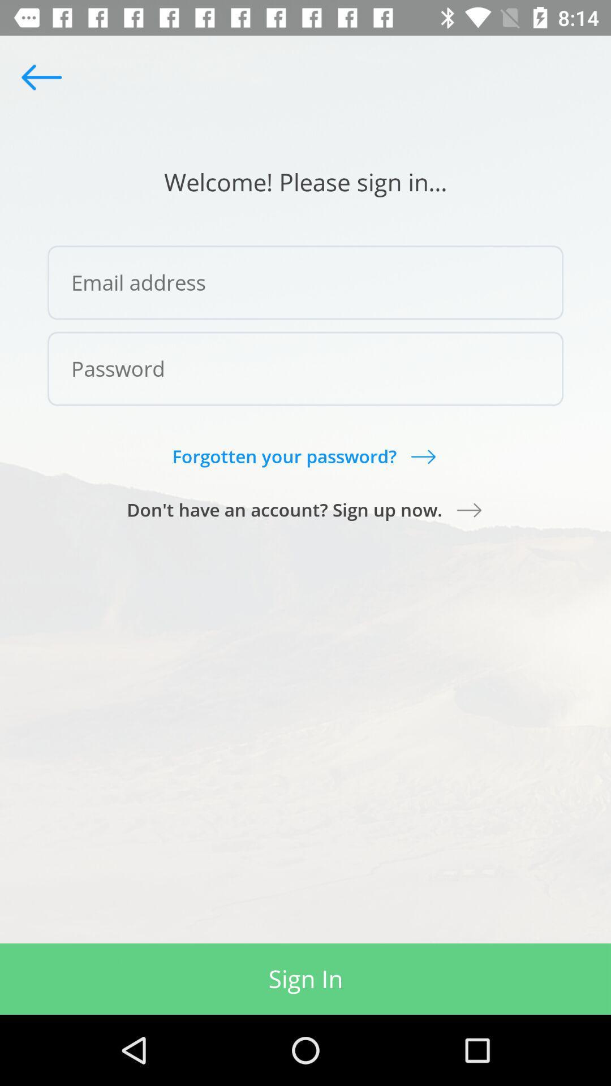  I want to click on password field, so click(305, 369).